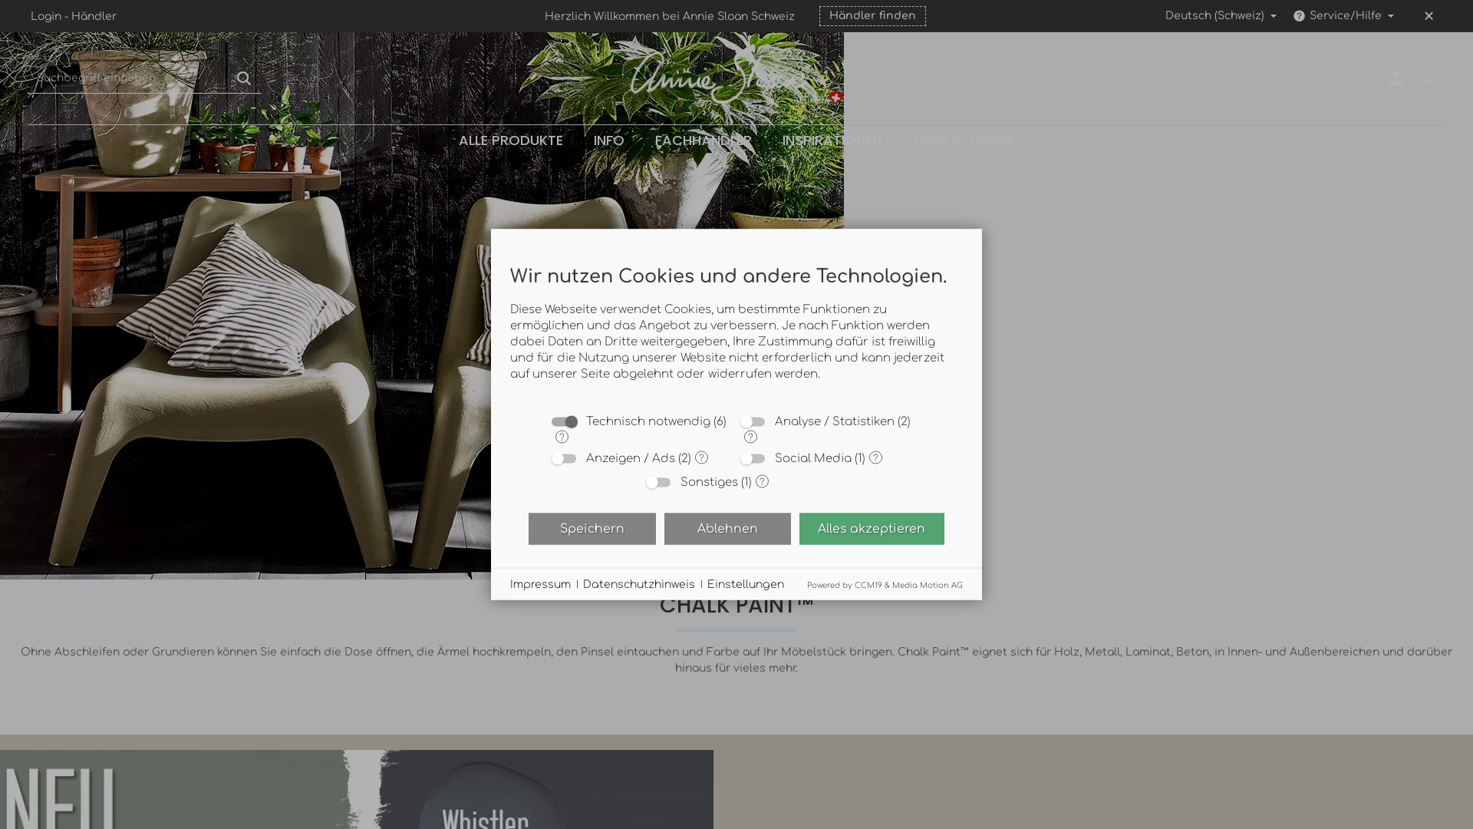 The image size is (1473, 829). What do you see at coordinates (961, 140) in the screenshot?
I see `'TIPPS & TRICKS'` at bounding box center [961, 140].